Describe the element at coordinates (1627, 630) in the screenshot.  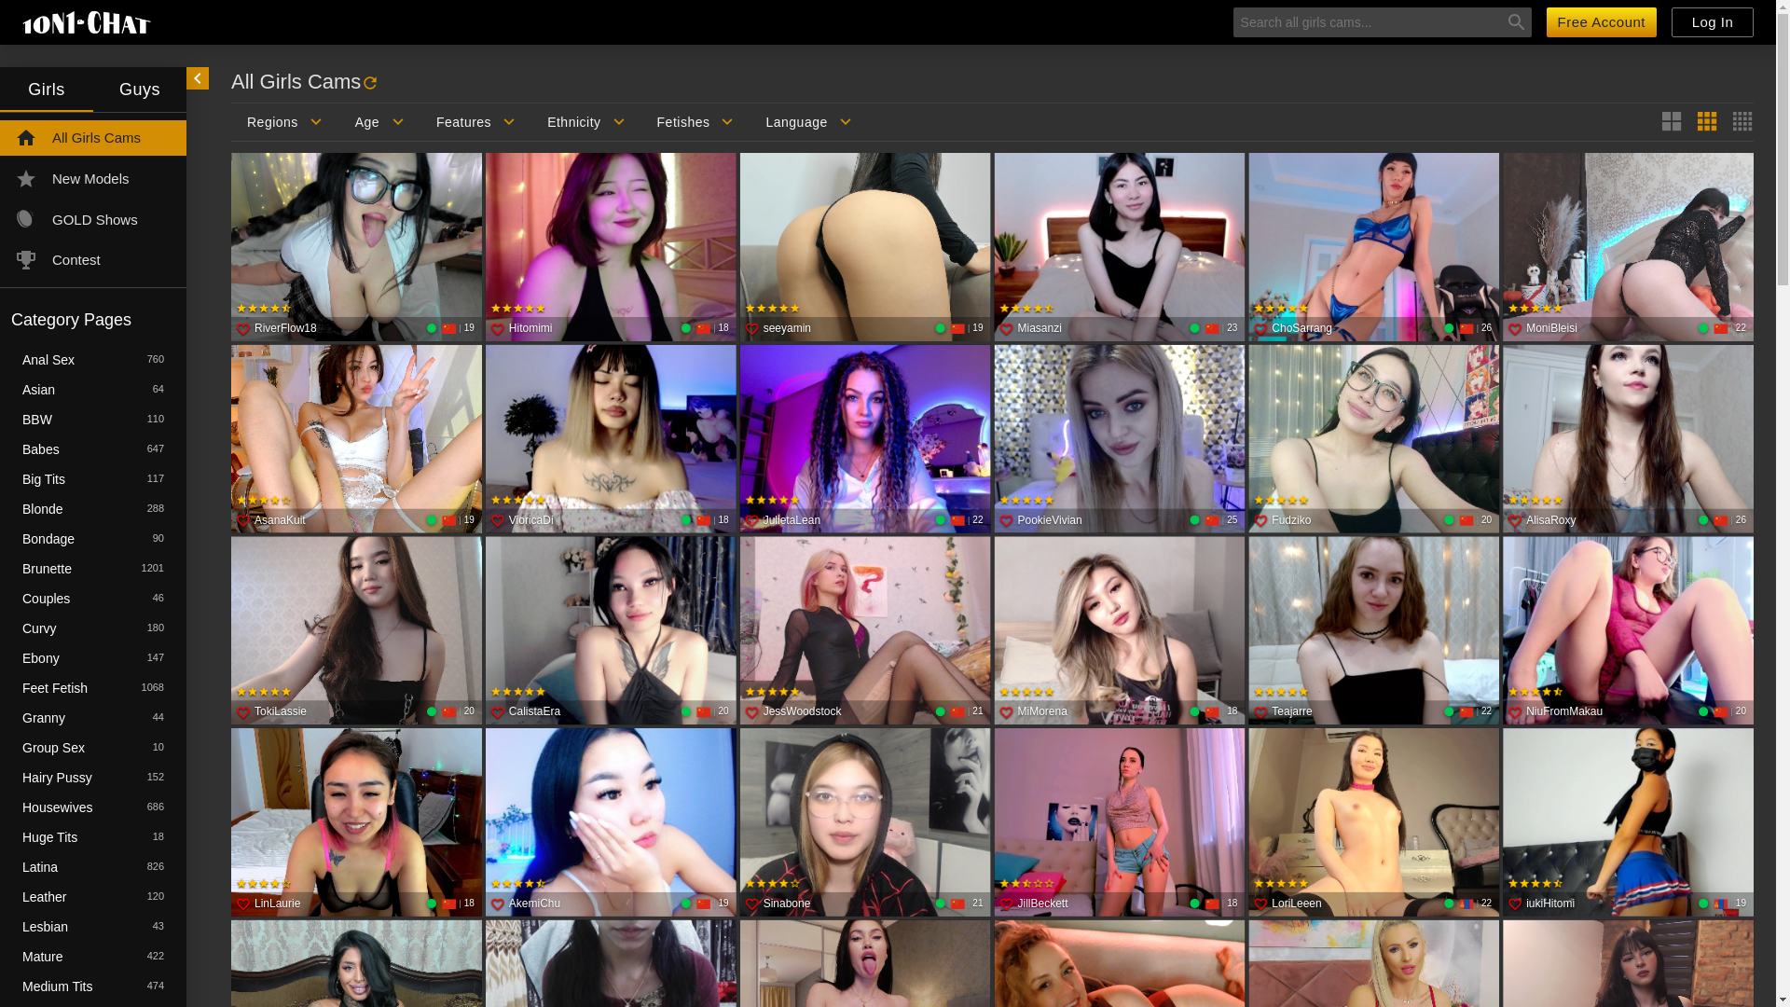
I see `'NiuFromMakau` at that location.